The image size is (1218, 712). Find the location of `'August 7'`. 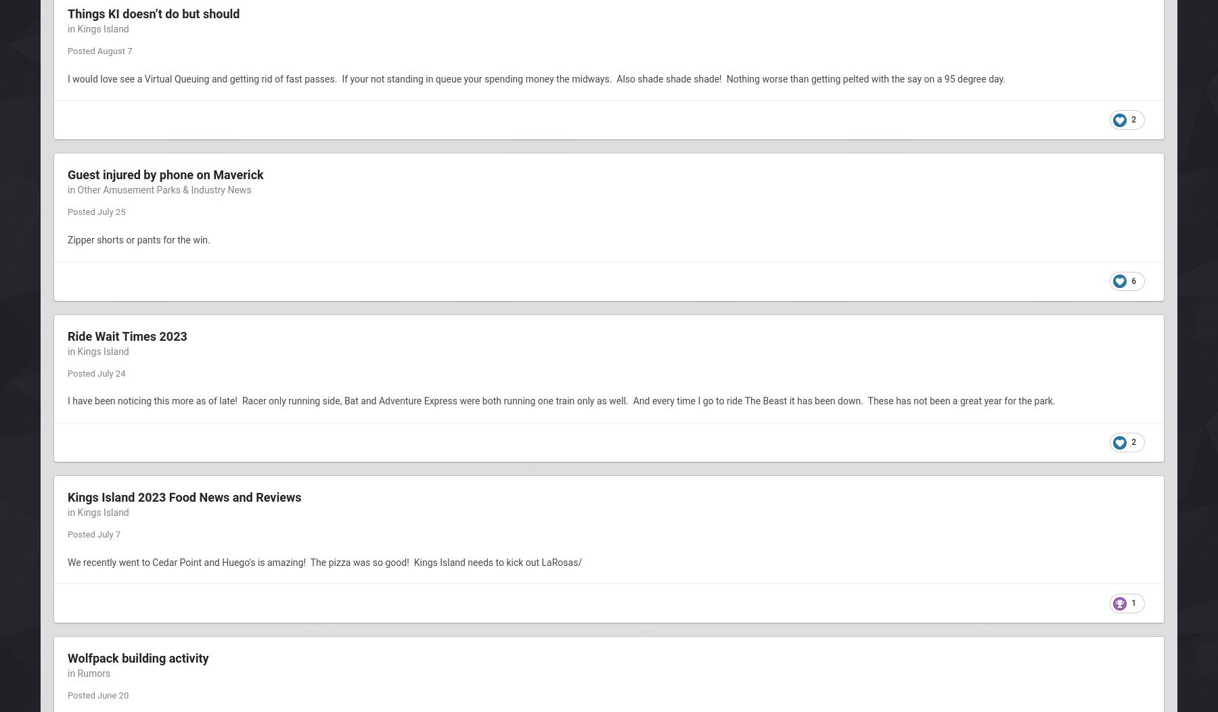

'August 7' is located at coordinates (96, 50).